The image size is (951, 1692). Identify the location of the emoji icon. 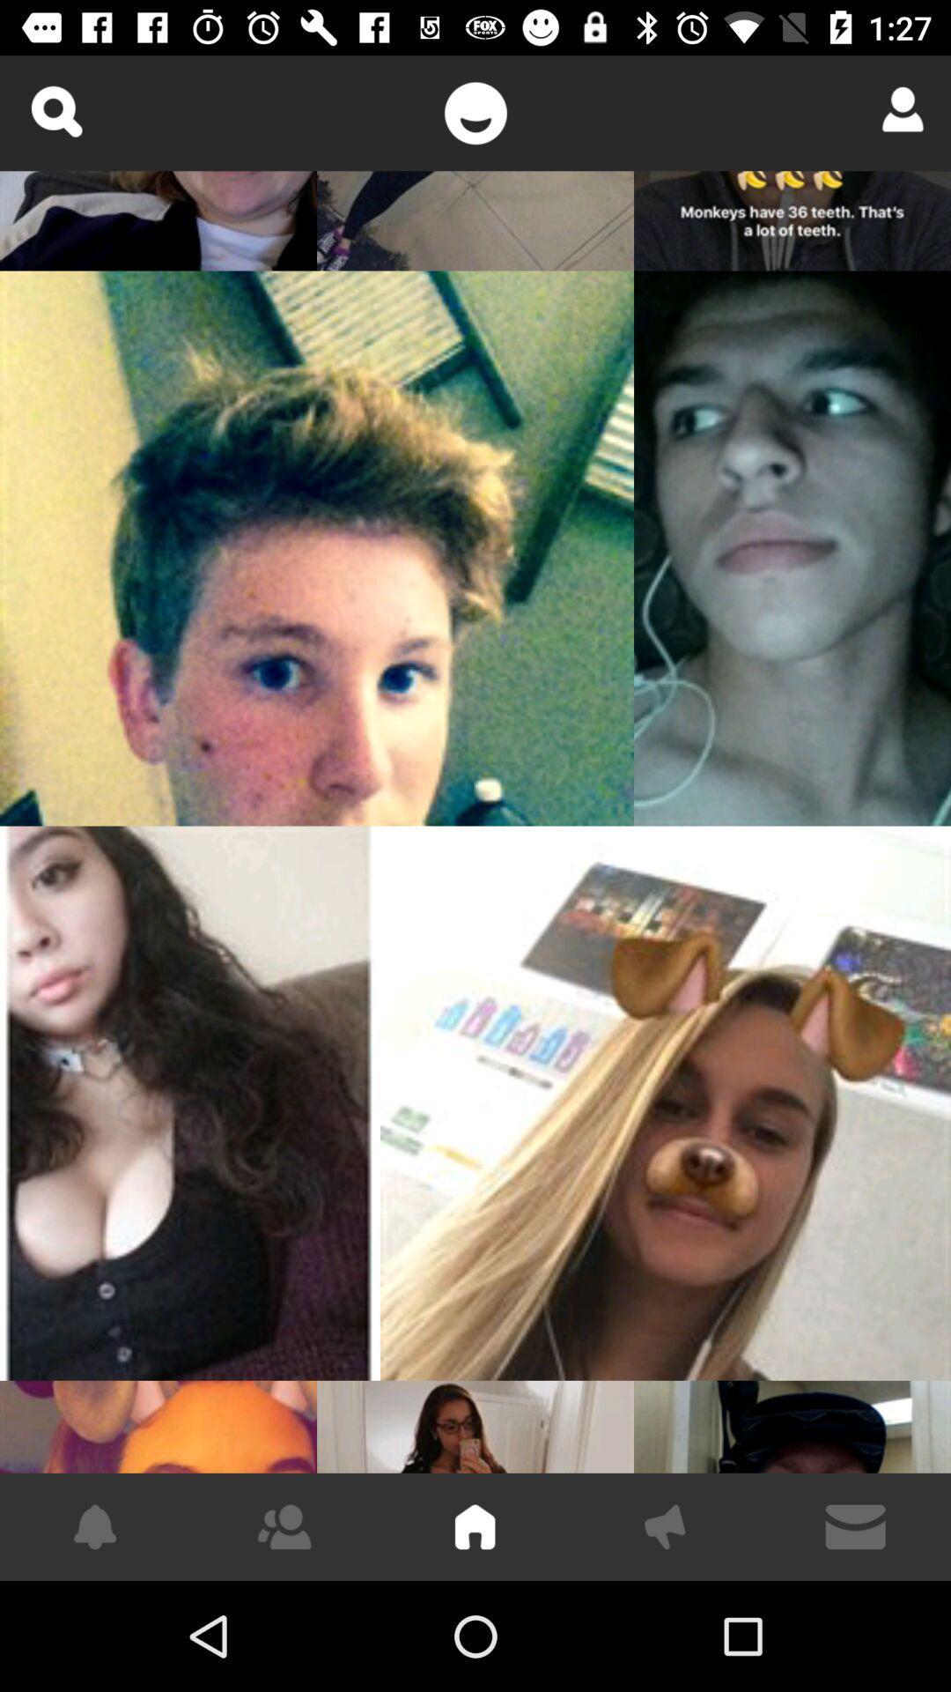
(475, 112).